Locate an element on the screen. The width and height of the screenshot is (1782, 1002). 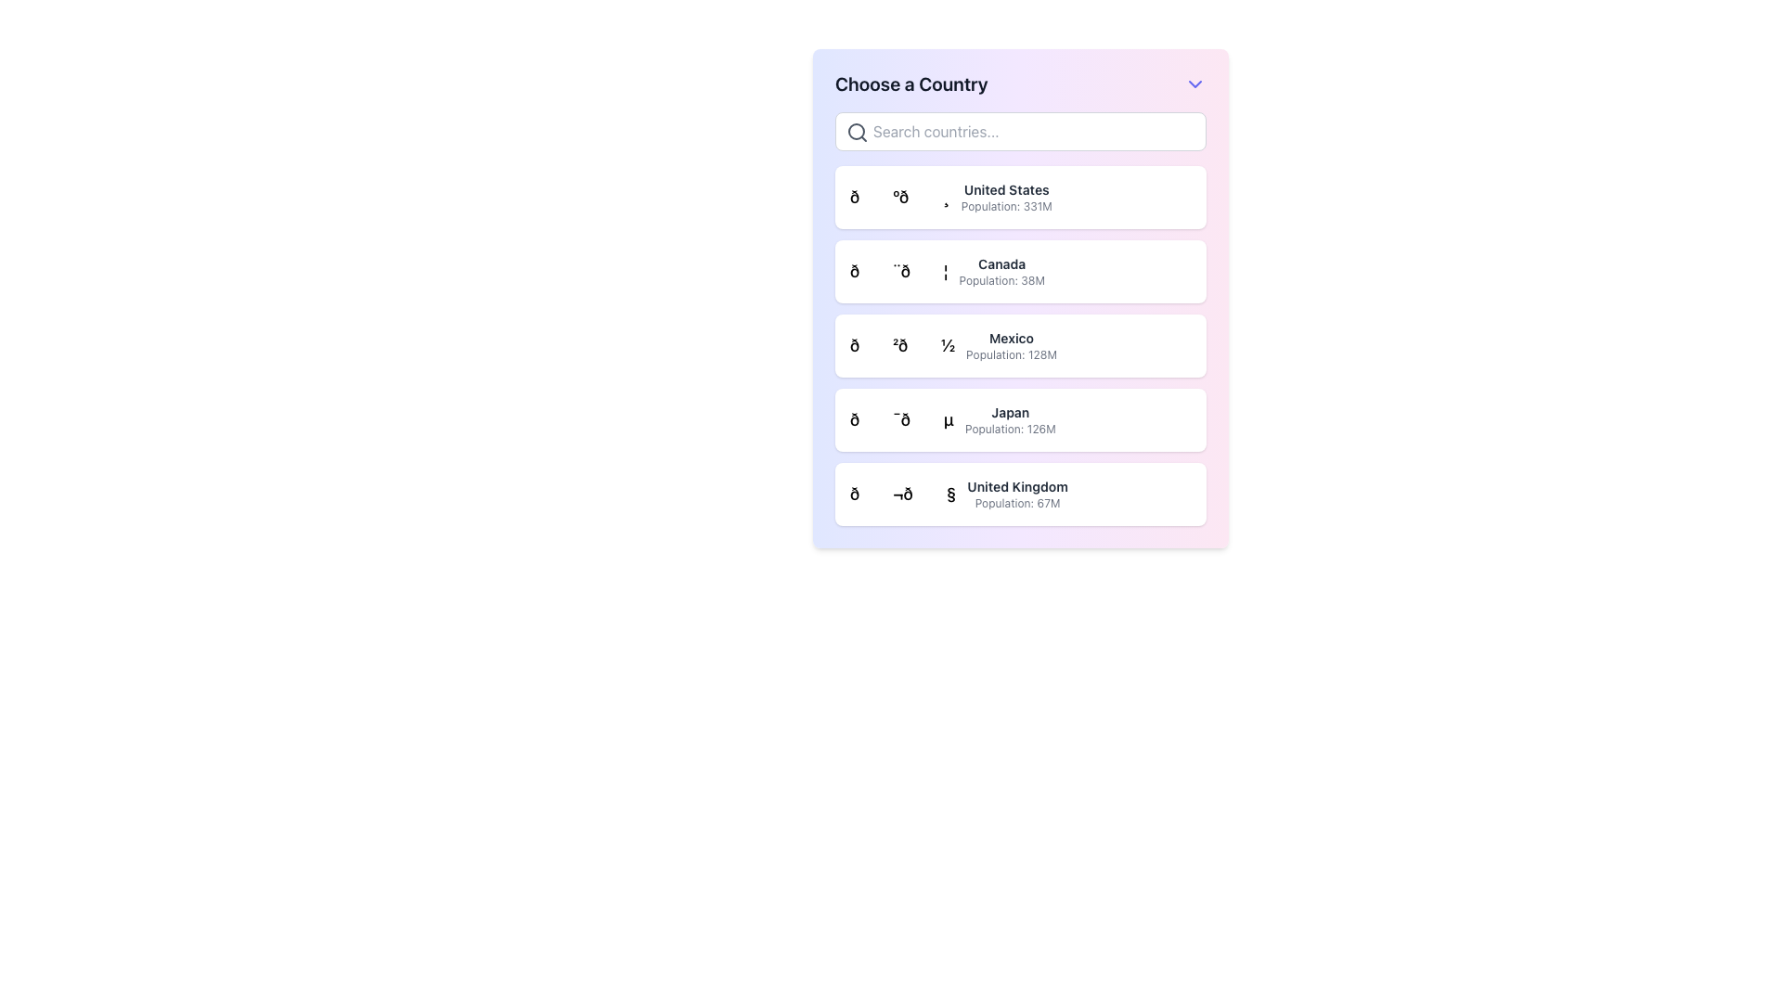
the informational list item for 'Canada', which features the Canadian flag icon and the label 'Canada' in bold dark text is located at coordinates (948, 272).